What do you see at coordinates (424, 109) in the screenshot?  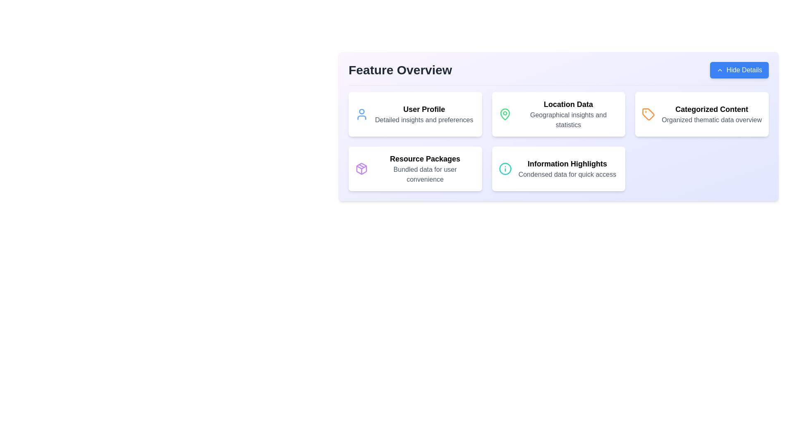 I see `the 'User Profile' text label, which is styled in bold and larger font, located in the top-left card of the grid layout in the 'Feature Overview' section` at bounding box center [424, 109].